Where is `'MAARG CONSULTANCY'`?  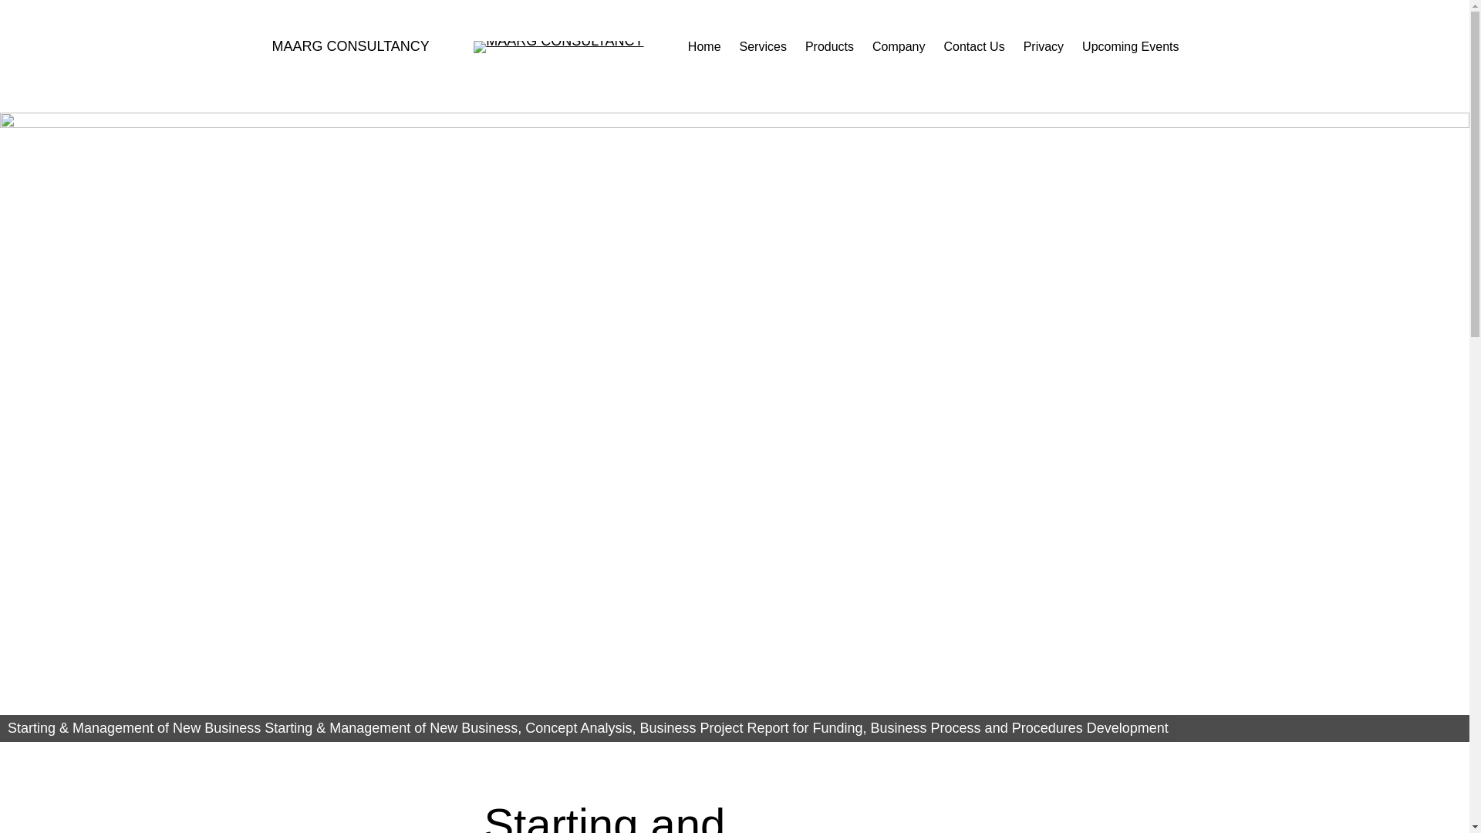
'MAARG CONSULTANCY' is located at coordinates (349, 46).